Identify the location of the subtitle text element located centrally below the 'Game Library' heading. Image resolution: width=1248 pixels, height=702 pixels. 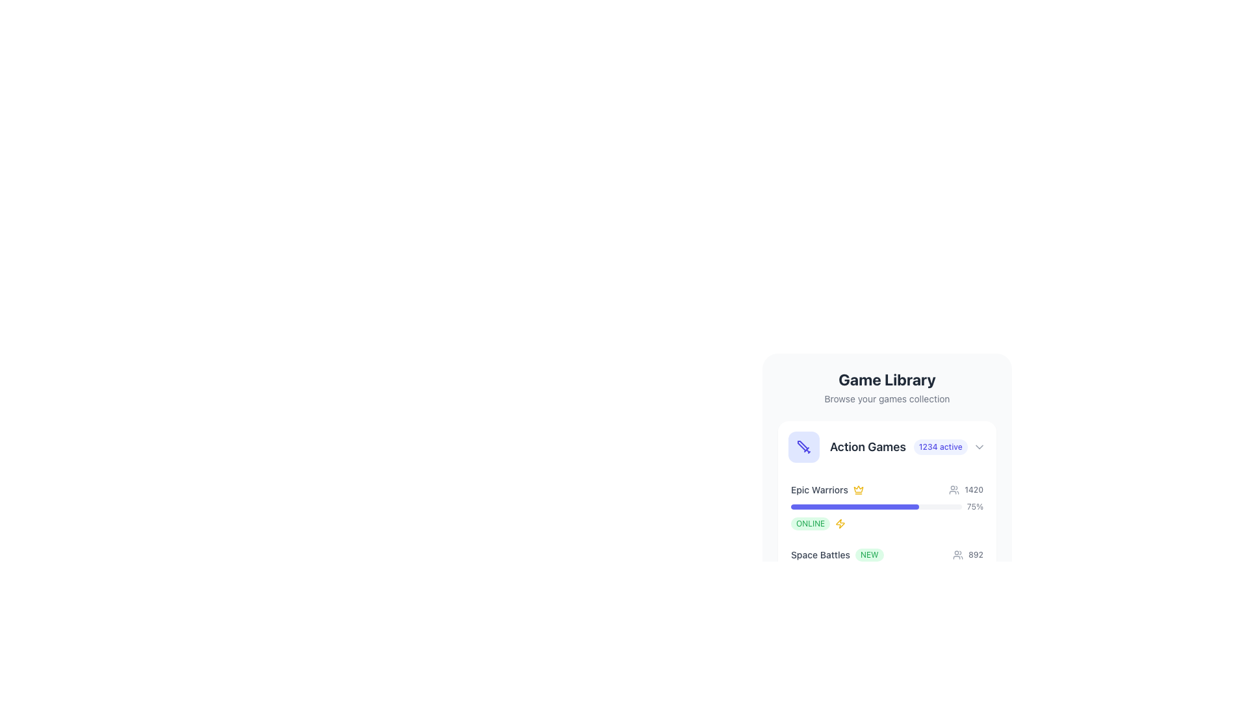
(886, 398).